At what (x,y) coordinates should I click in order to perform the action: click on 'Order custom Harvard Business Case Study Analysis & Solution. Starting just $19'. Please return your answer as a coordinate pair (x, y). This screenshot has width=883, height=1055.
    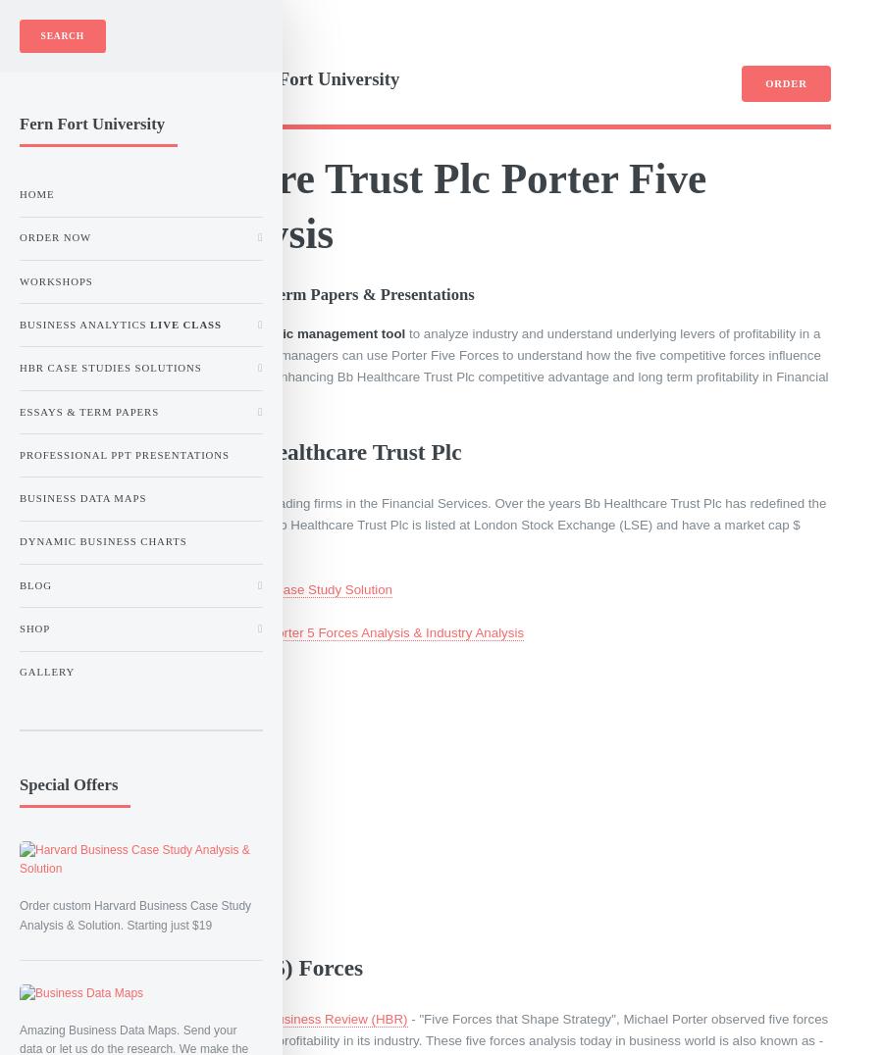
    Looking at the image, I should click on (134, 914).